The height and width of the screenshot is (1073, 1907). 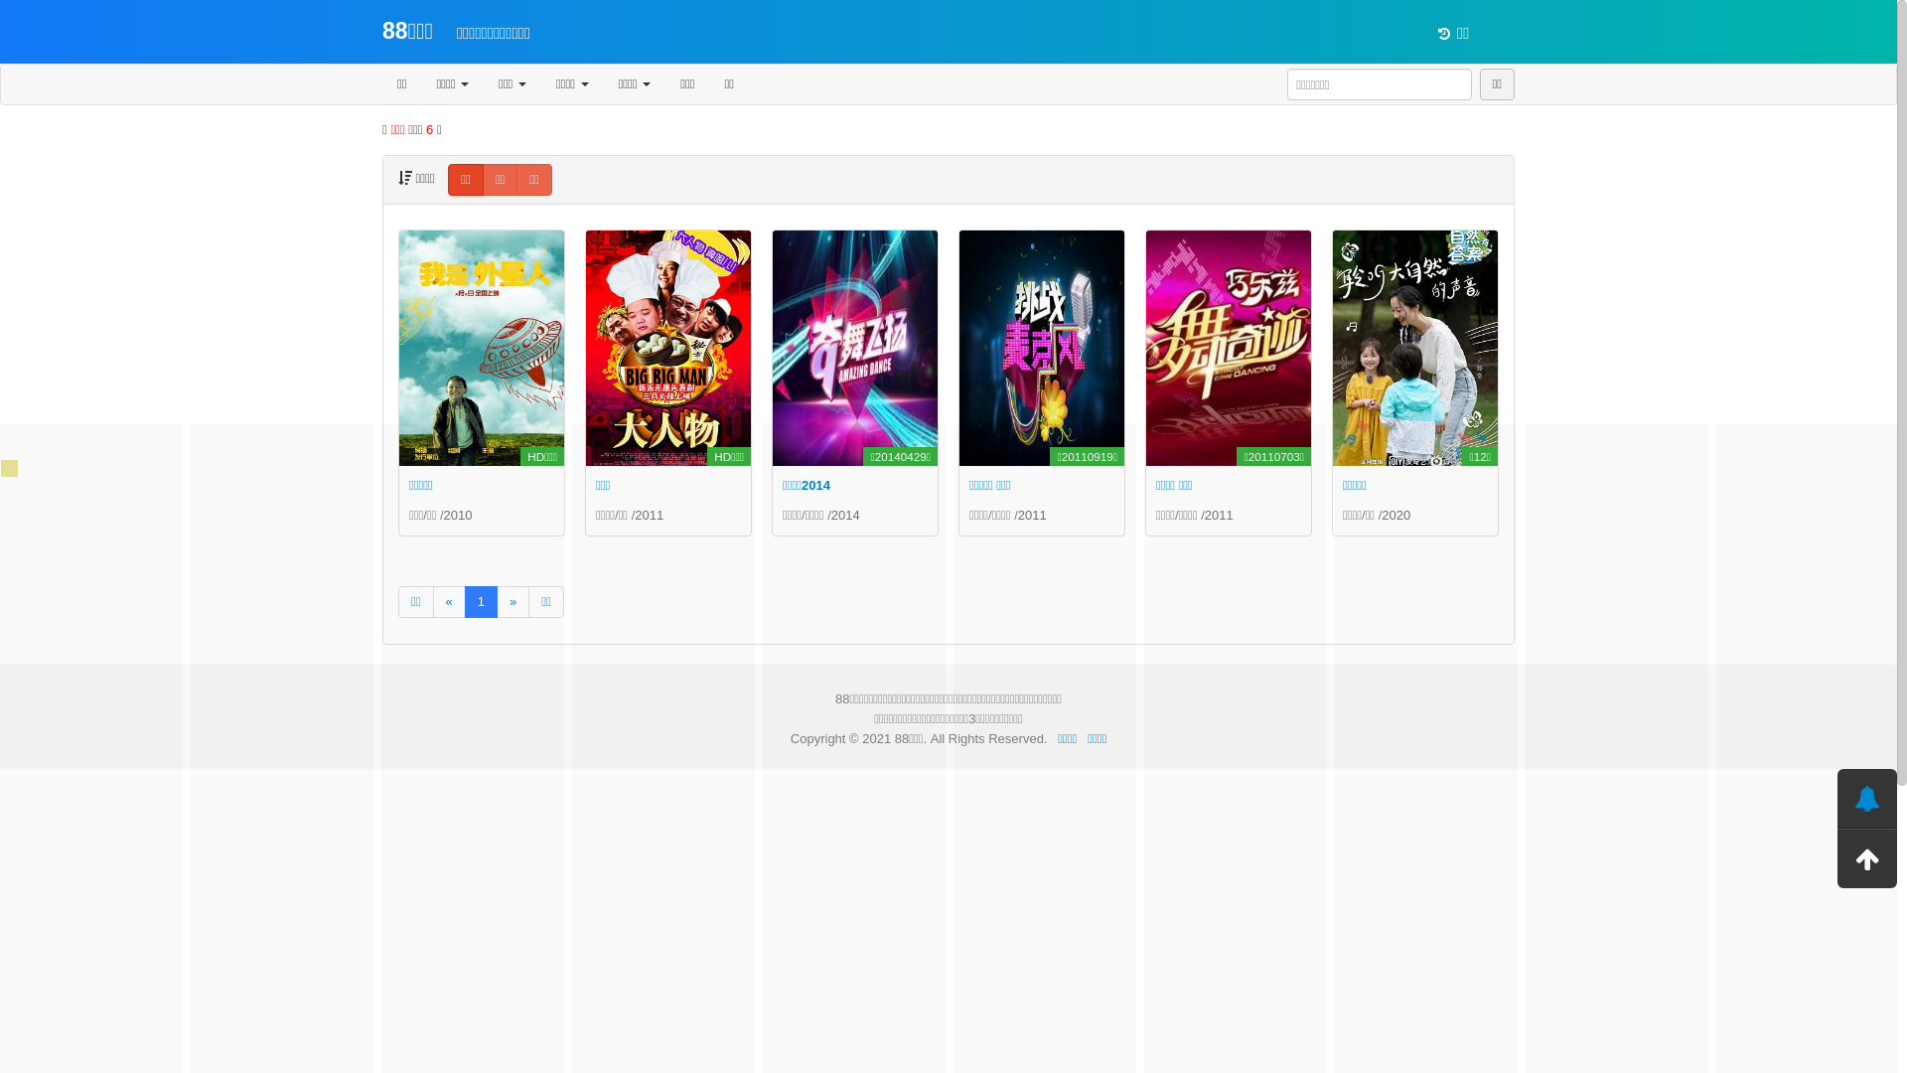 I want to click on '2011', so click(x=649, y=514).